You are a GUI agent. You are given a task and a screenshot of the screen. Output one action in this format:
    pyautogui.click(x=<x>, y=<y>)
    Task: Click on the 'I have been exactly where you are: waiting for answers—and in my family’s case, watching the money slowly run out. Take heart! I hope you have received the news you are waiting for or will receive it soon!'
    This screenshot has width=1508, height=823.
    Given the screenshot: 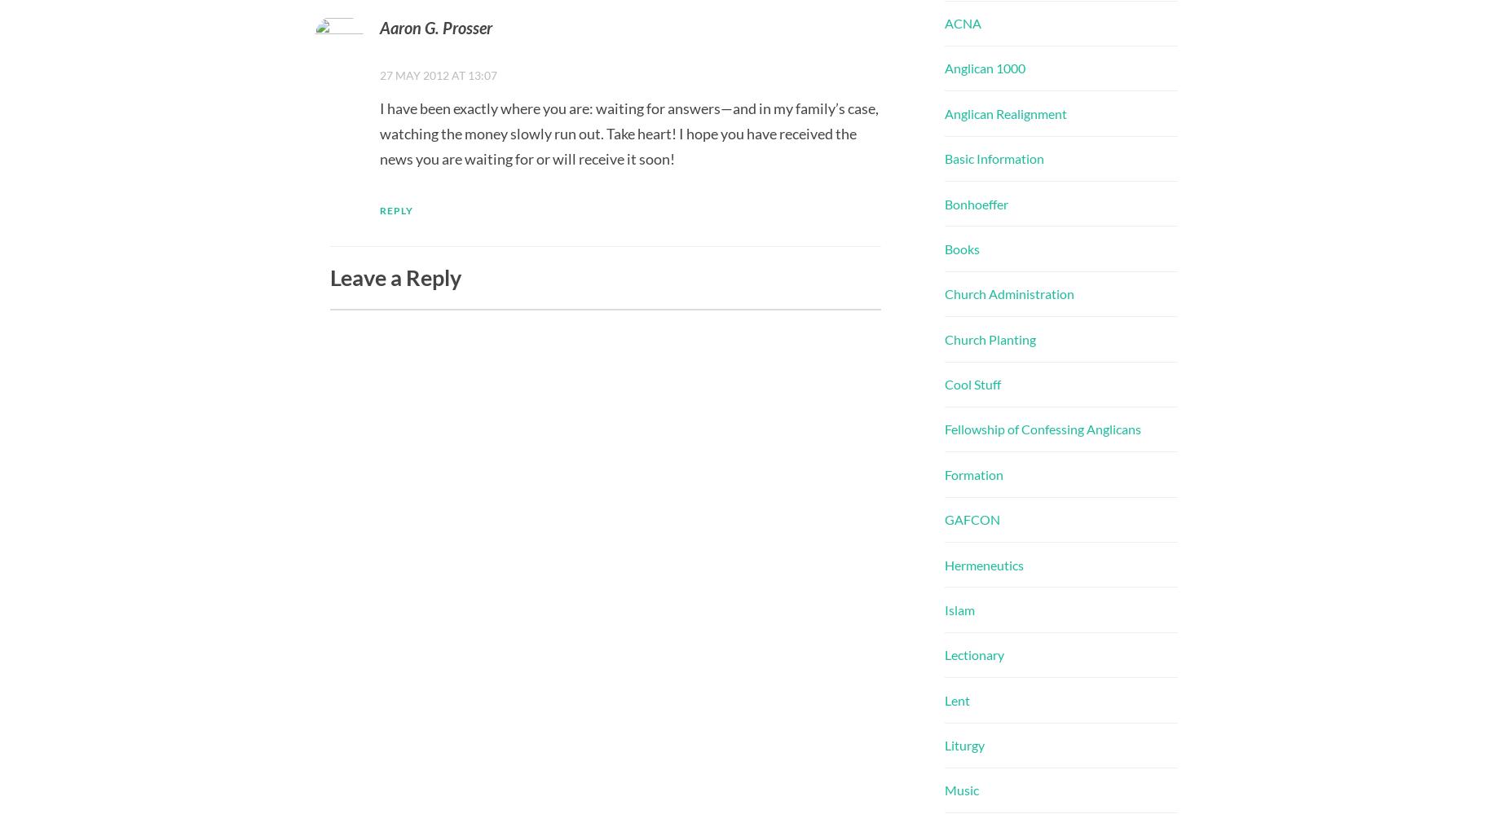 What is the action you would take?
    pyautogui.click(x=629, y=132)
    